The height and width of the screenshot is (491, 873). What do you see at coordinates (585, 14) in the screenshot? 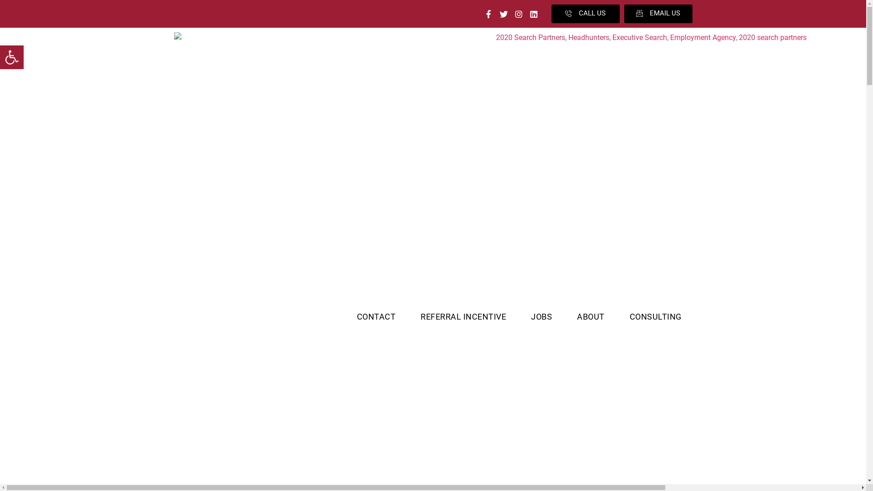
I see `'CALL US'` at bounding box center [585, 14].